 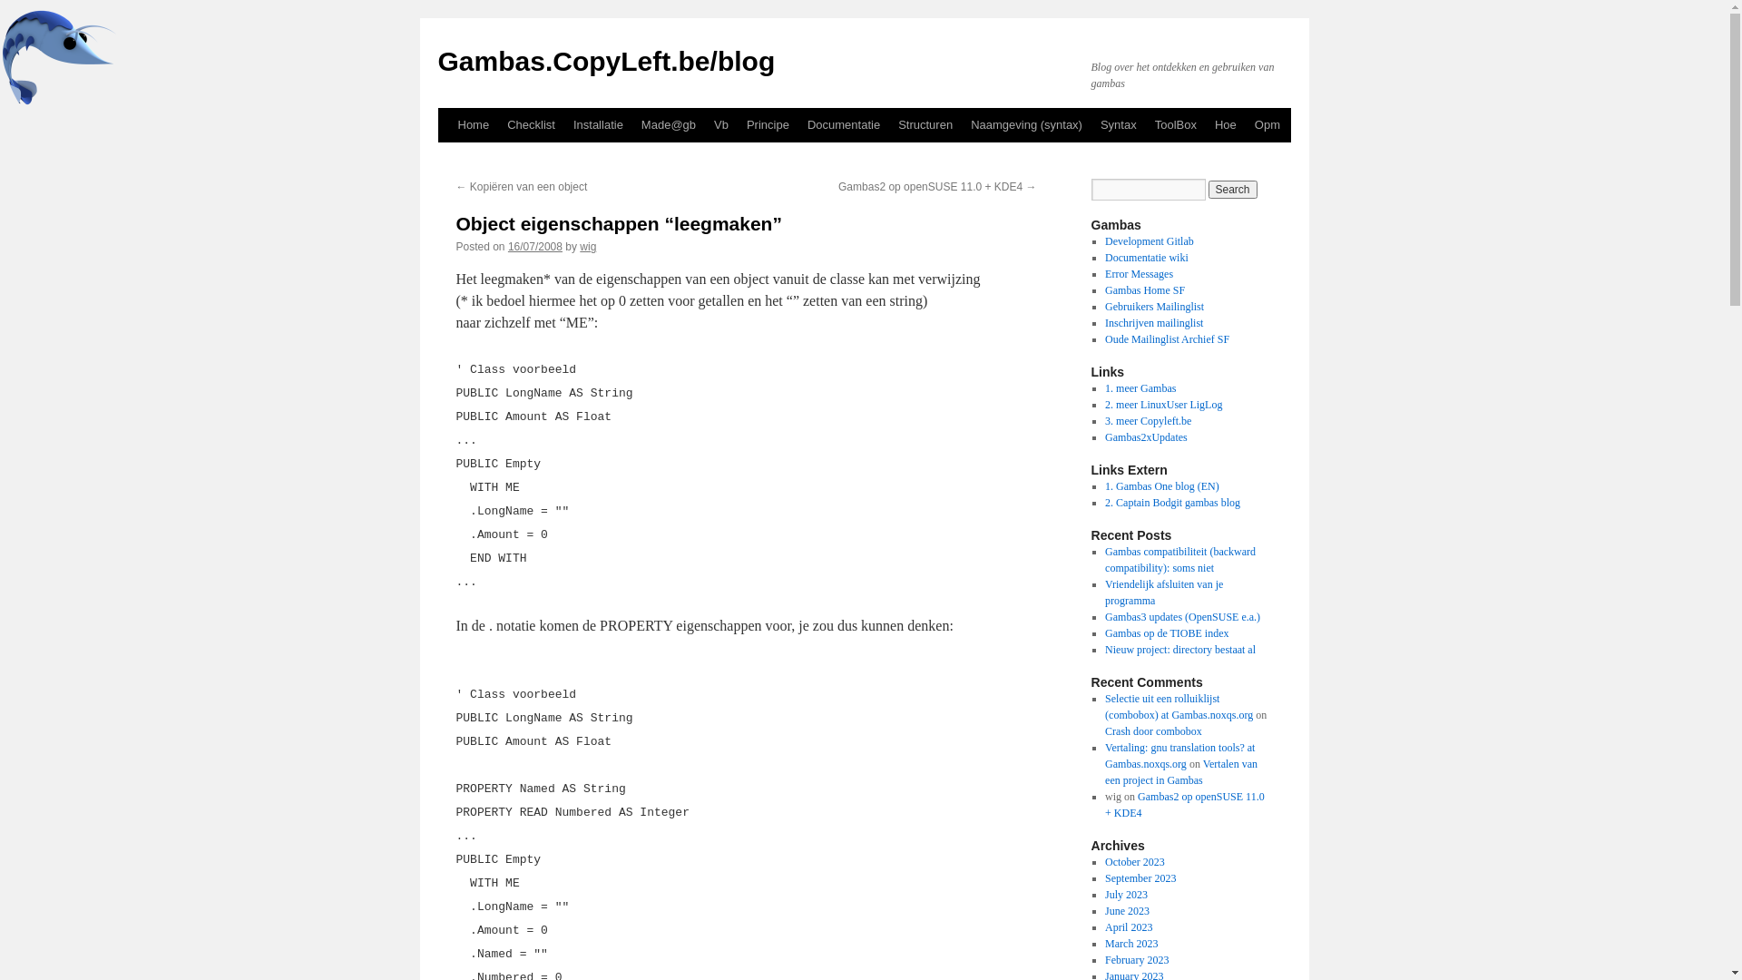 What do you see at coordinates (1104, 730) in the screenshot?
I see `'Crash door combobox'` at bounding box center [1104, 730].